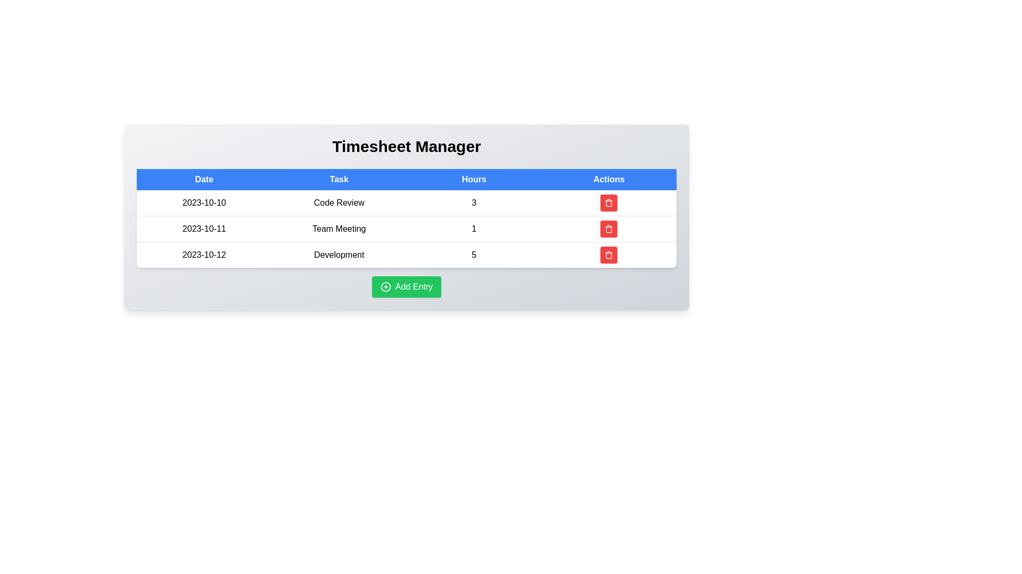  I want to click on title of the 'Hours' column header in the Timesheet Manager table header cell, so click(473, 179).